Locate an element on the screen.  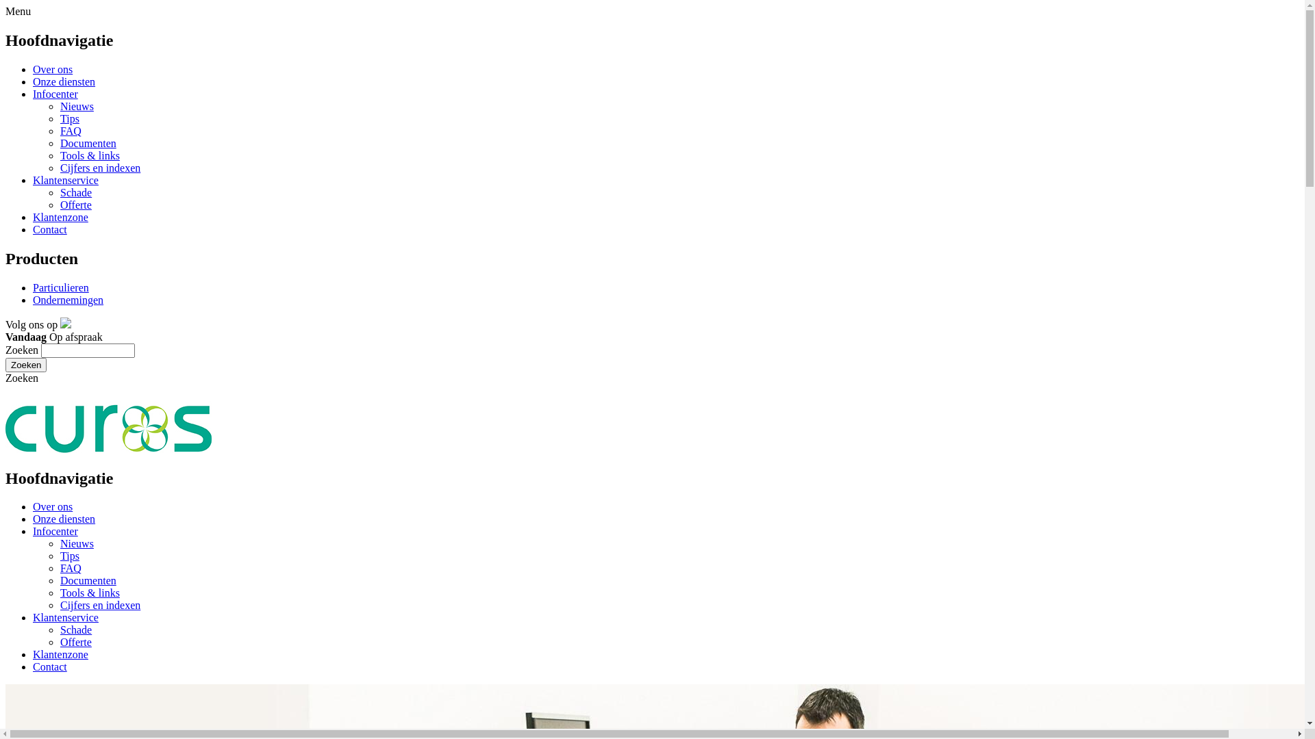
'Onze diensten' is located at coordinates (33, 81).